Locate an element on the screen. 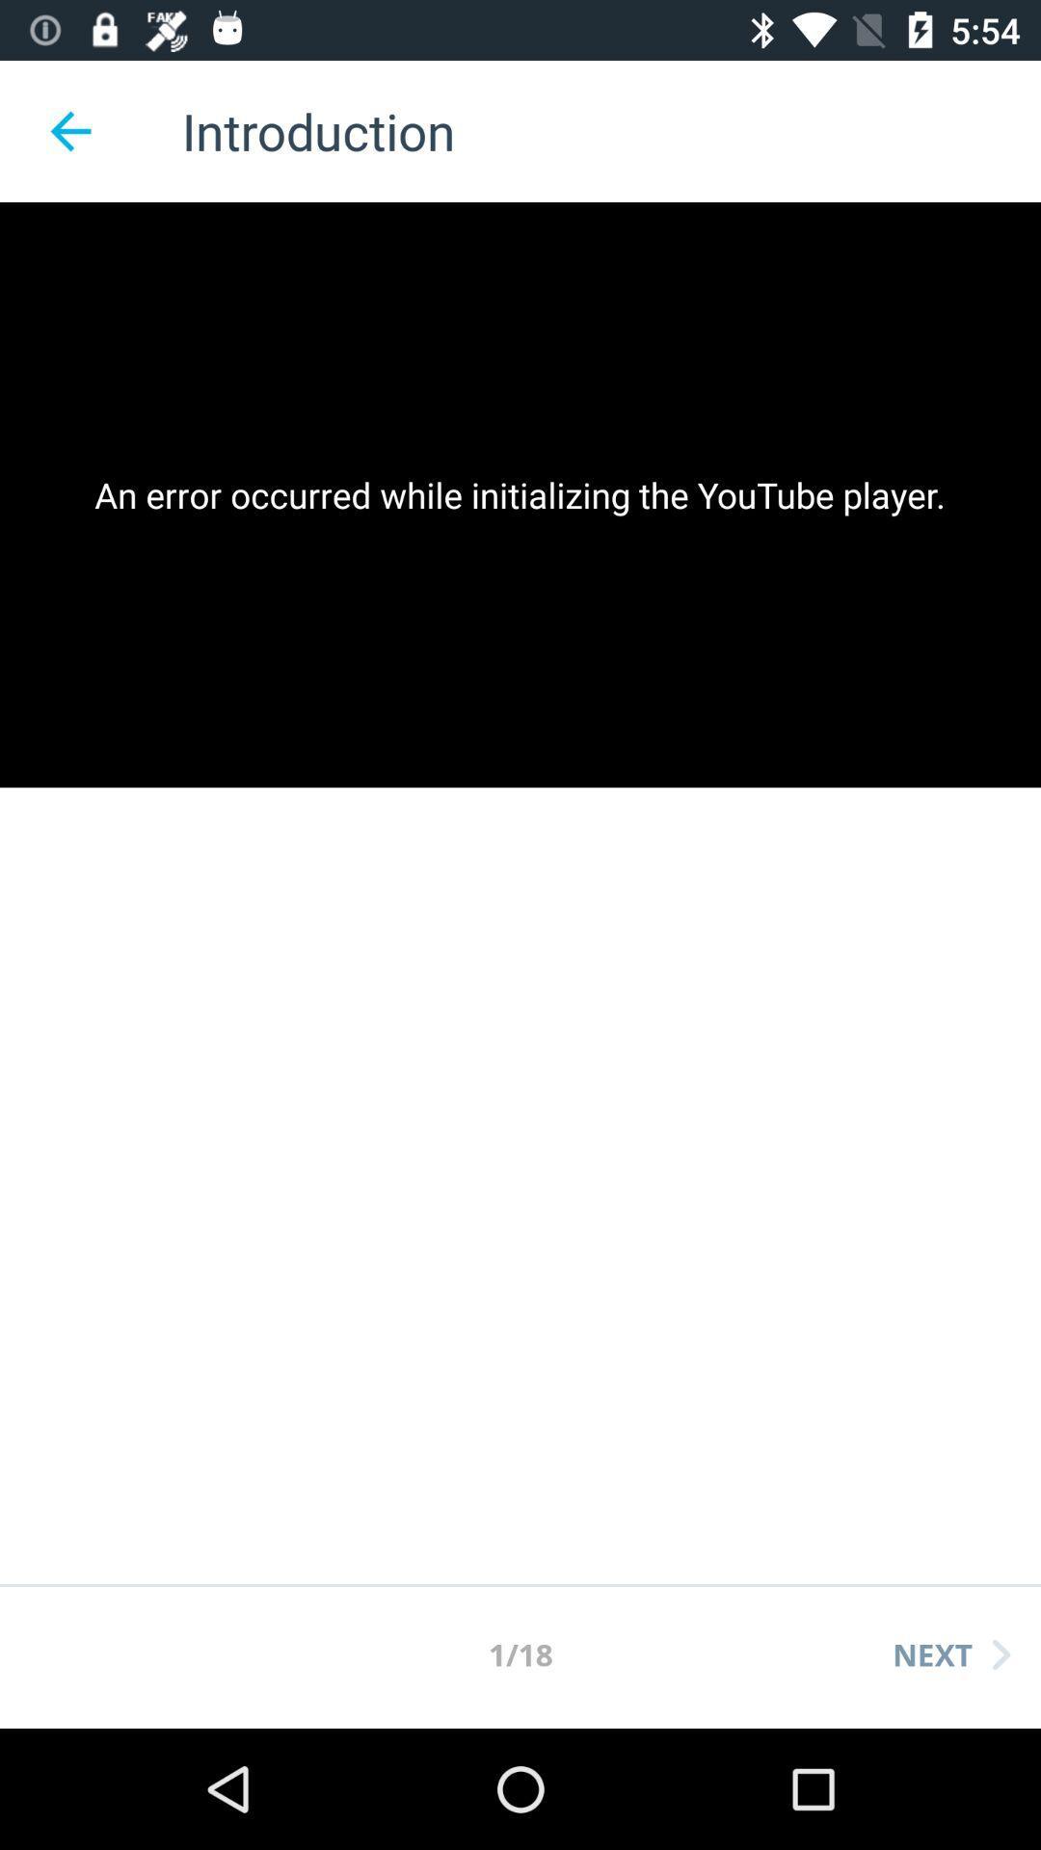 Image resolution: width=1041 pixels, height=1850 pixels. item next to 1/18 icon is located at coordinates (950, 1653).